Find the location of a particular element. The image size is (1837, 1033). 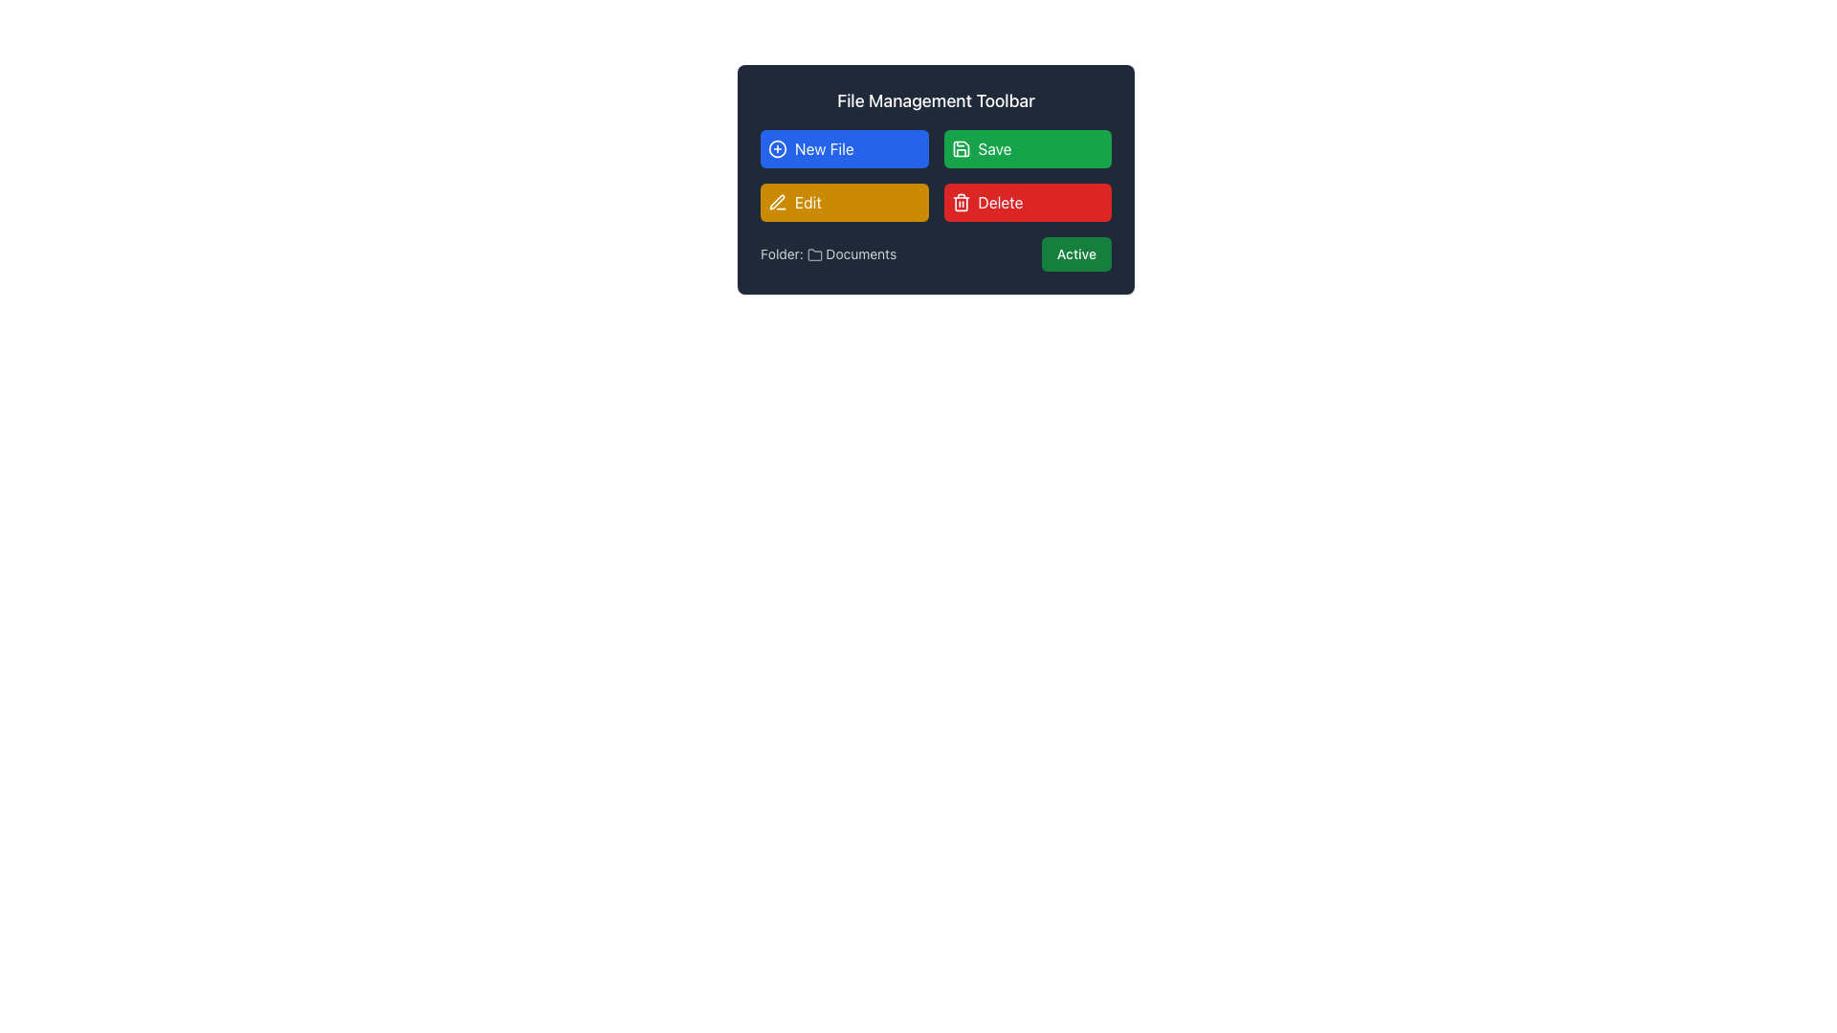

the delete button located in the bottom-right corner of the button grid to initiate the deletion process is located at coordinates (1027, 203).